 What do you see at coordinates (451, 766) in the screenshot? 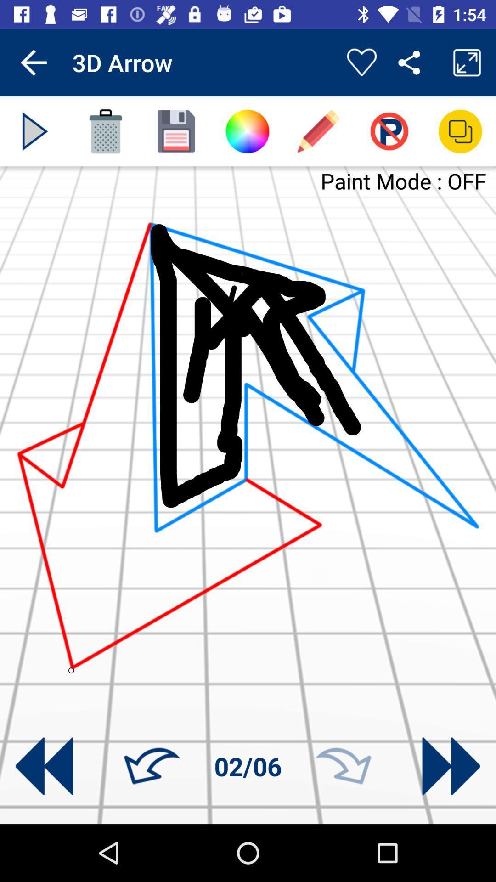
I see `the av_forward icon` at bounding box center [451, 766].